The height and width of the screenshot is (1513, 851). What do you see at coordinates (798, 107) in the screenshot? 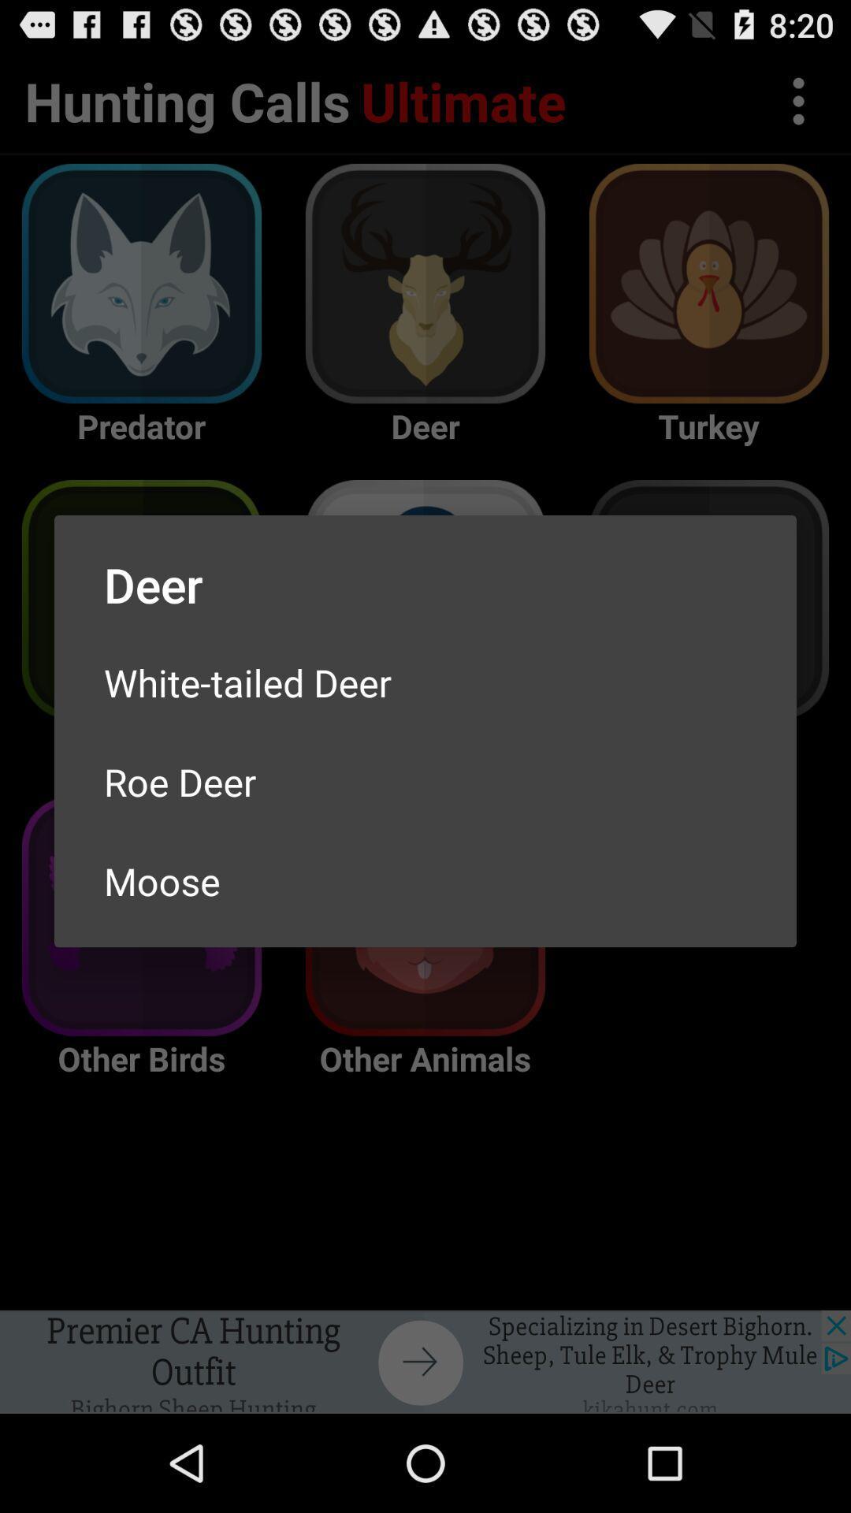
I see `the more icon` at bounding box center [798, 107].